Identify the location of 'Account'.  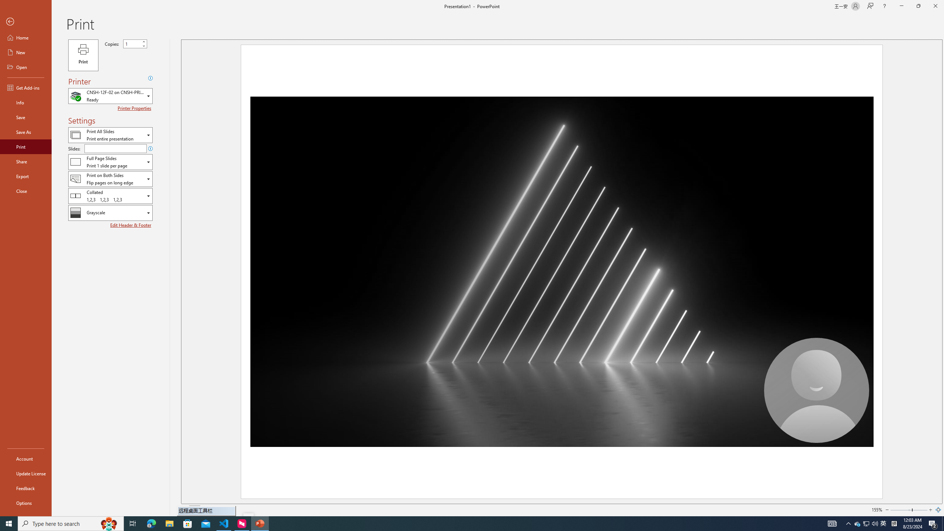
(25, 459).